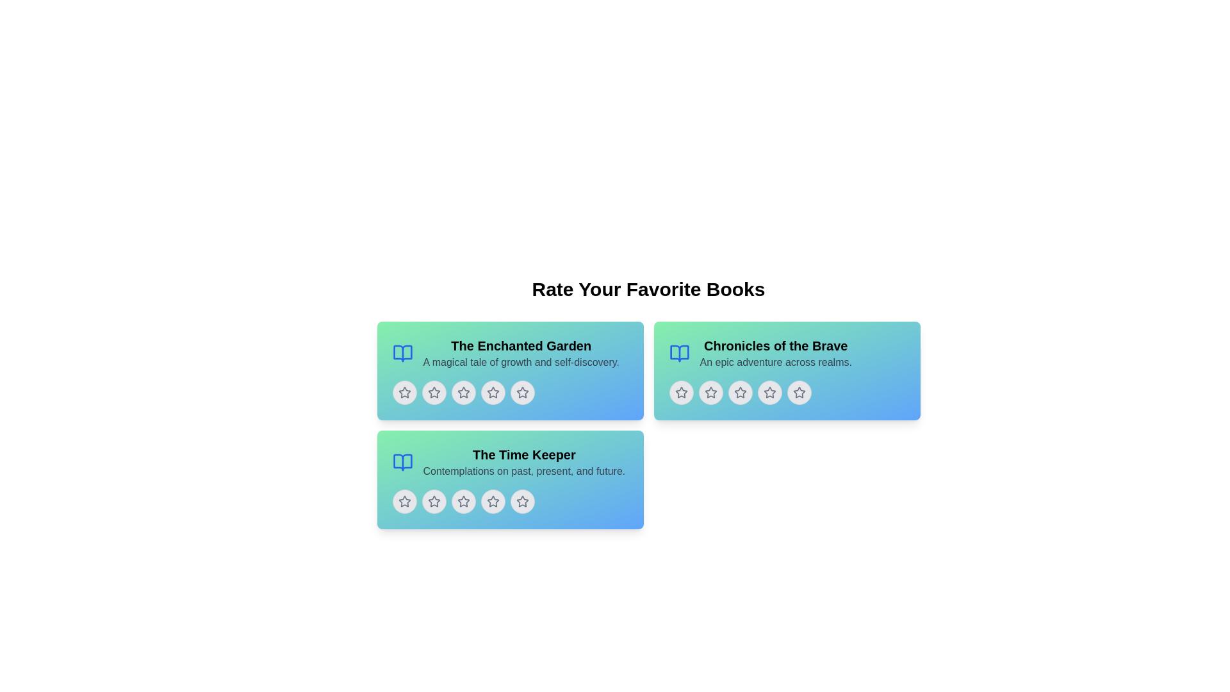 The image size is (1230, 692). What do you see at coordinates (769, 392) in the screenshot?
I see `the third gray outlined star icon in the rating system of the 'Chronicles of the Brave' card interface to rate it` at bounding box center [769, 392].